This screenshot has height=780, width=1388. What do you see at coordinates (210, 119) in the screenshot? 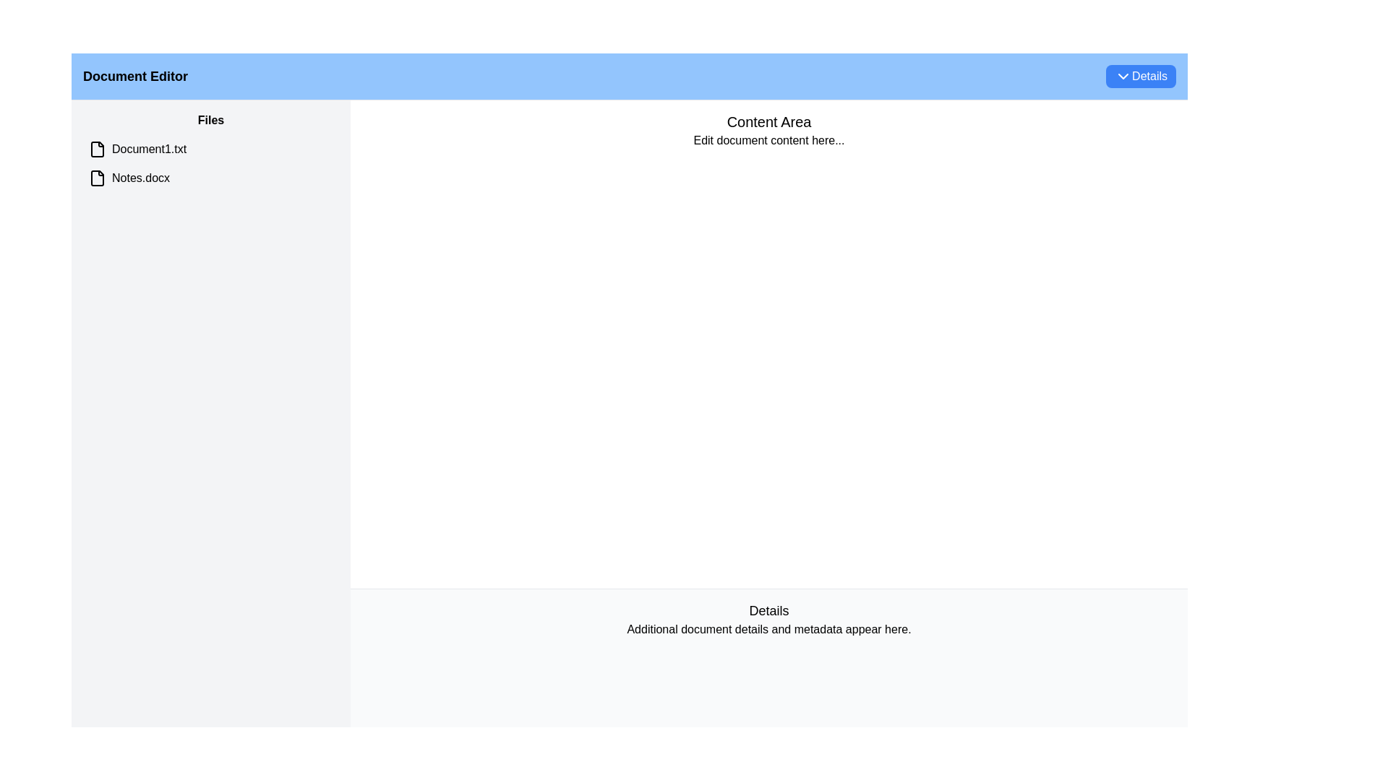
I see `heading of the text label that says 'Files', which is styled in bold and located at the top of the sidebar on the left side of the interface` at bounding box center [210, 119].